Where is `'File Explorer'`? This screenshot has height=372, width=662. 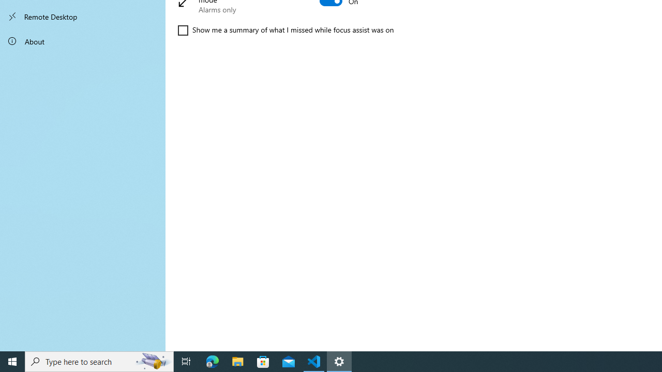
'File Explorer' is located at coordinates (237, 361).